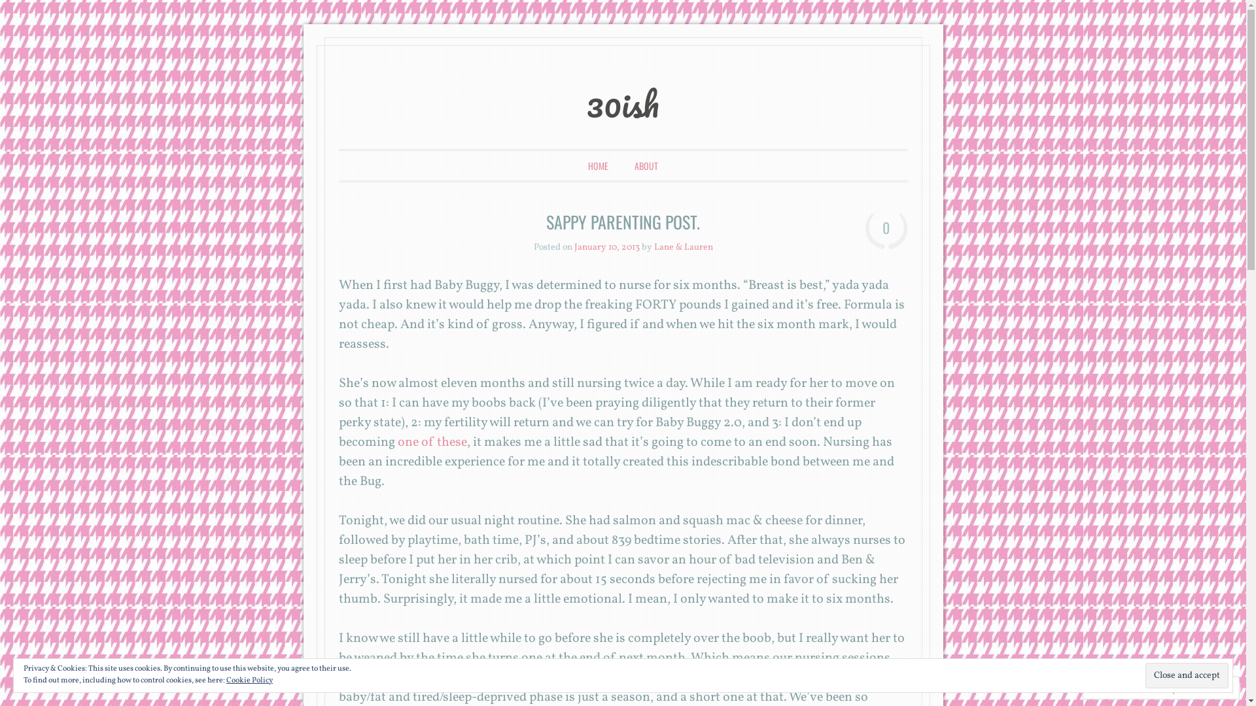 Image resolution: width=1256 pixels, height=706 pixels. What do you see at coordinates (606, 247) in the screenshot?
I see `'January 10, 2013'` at bounding box center [606, 247].